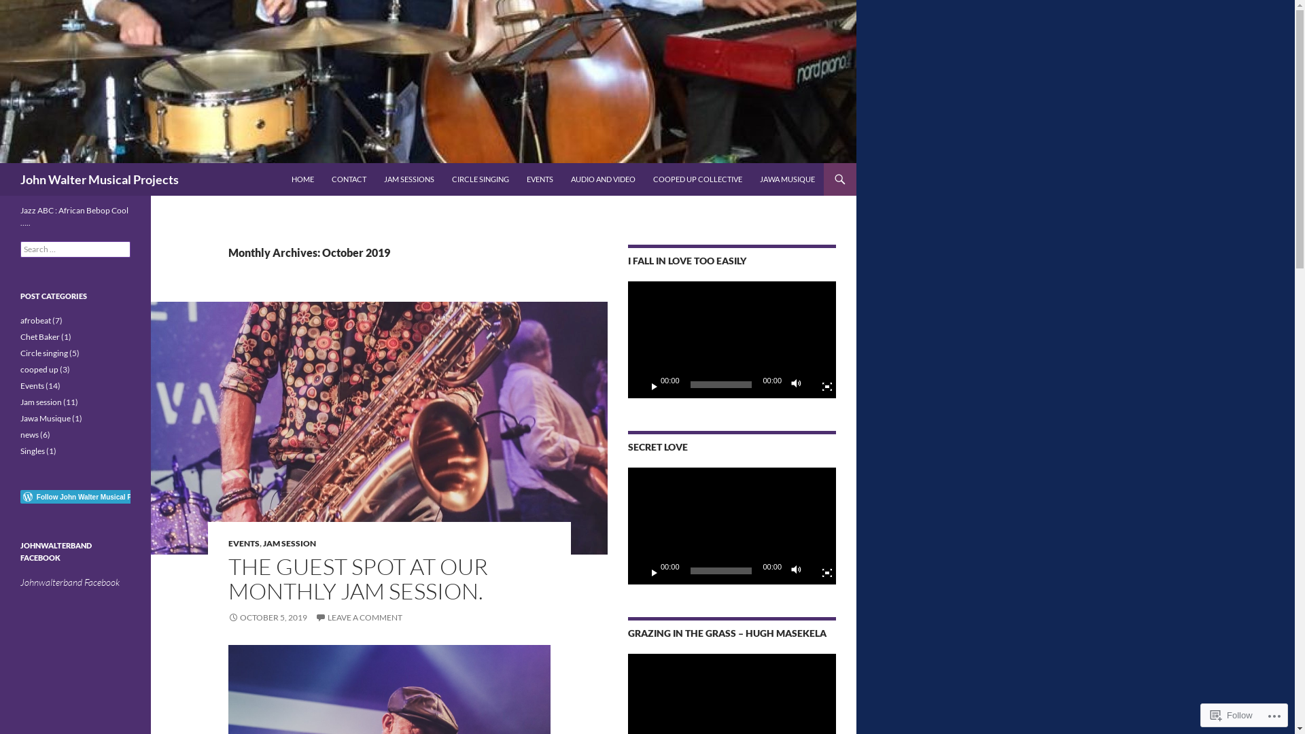 The height and width of the screenshot is (734, 1305). I want to click on 'Play', so click(638, 385).